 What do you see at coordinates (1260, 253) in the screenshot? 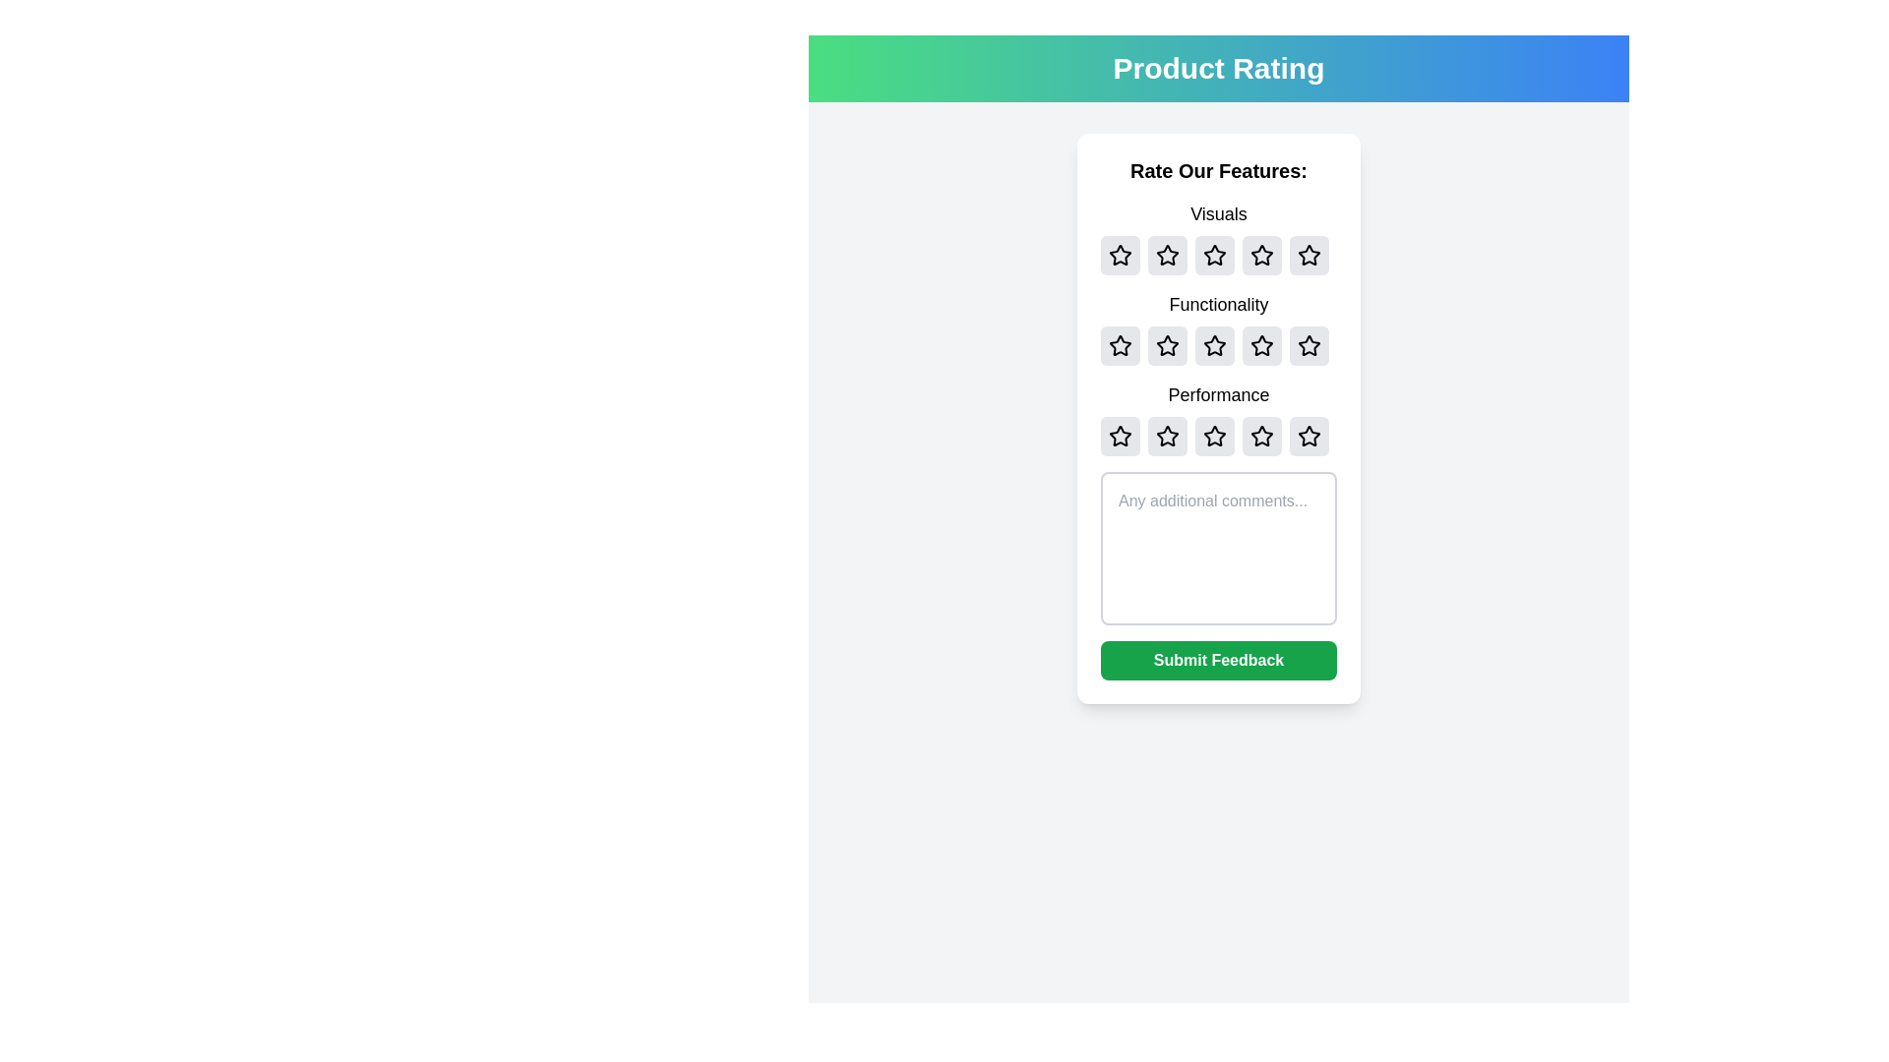
I see `the third star icon in the 'Visuals' rating section` at bounding box center [1260, 253].